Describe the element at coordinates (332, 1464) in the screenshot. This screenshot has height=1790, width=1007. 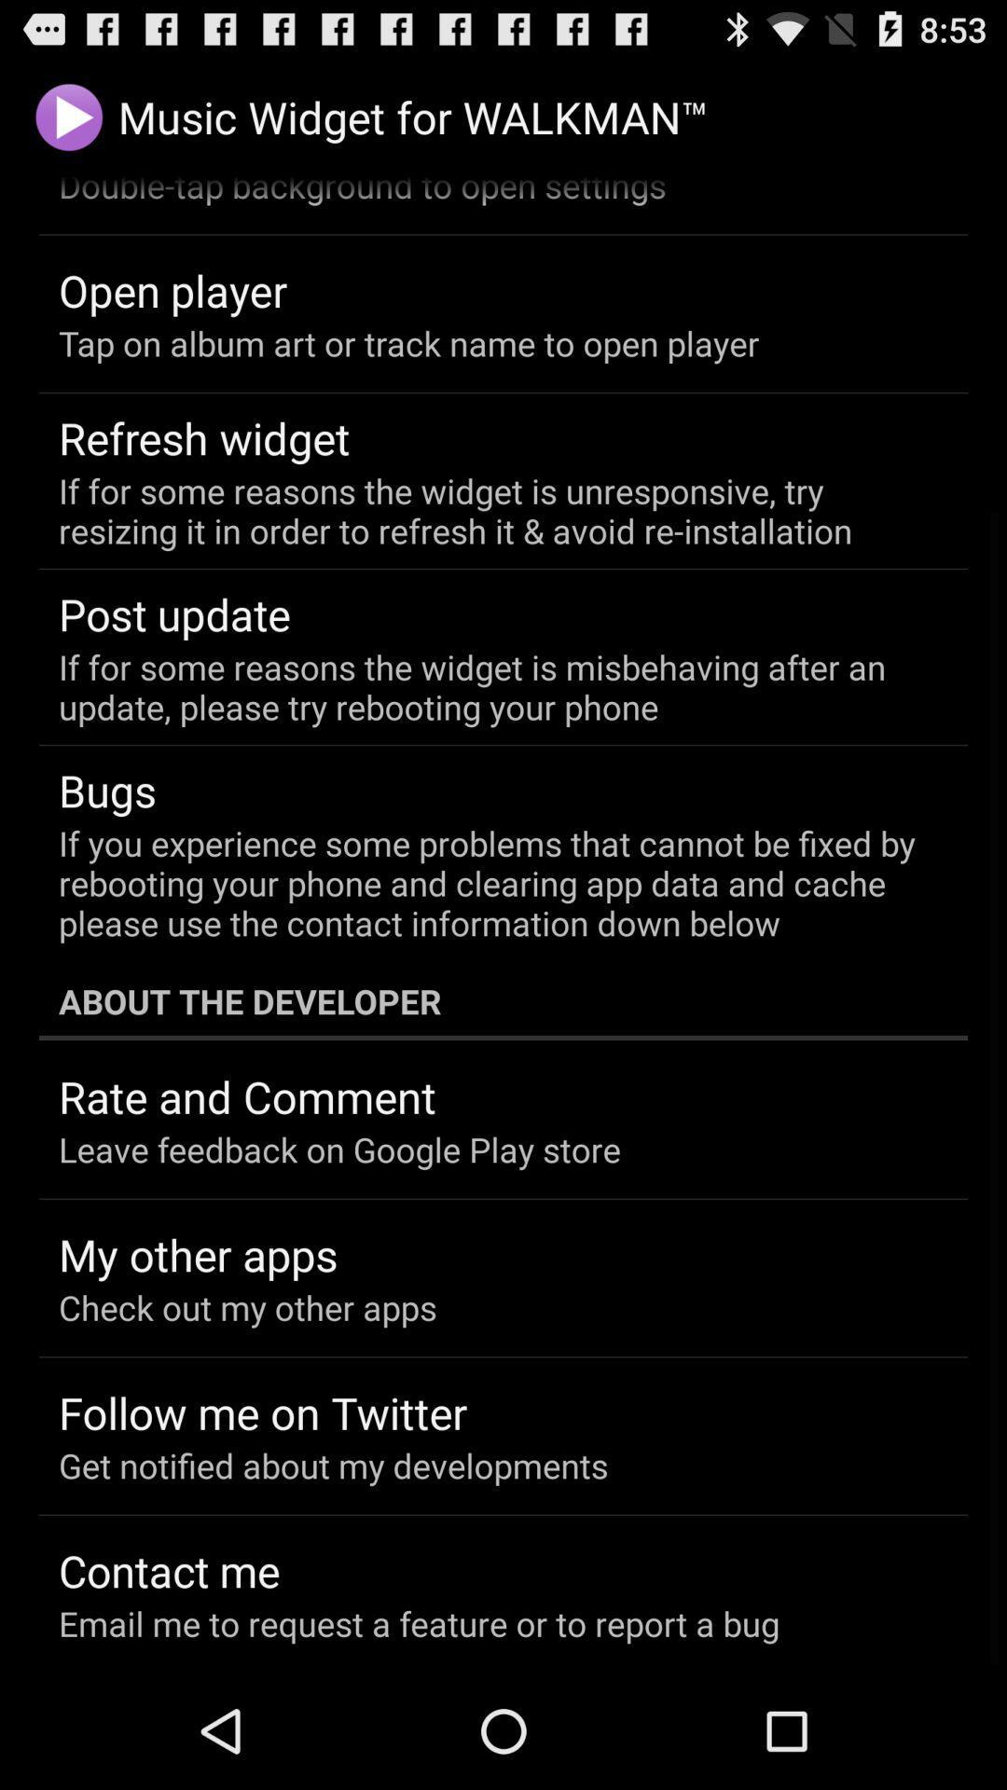
I see `the get notified about icon` at that location.